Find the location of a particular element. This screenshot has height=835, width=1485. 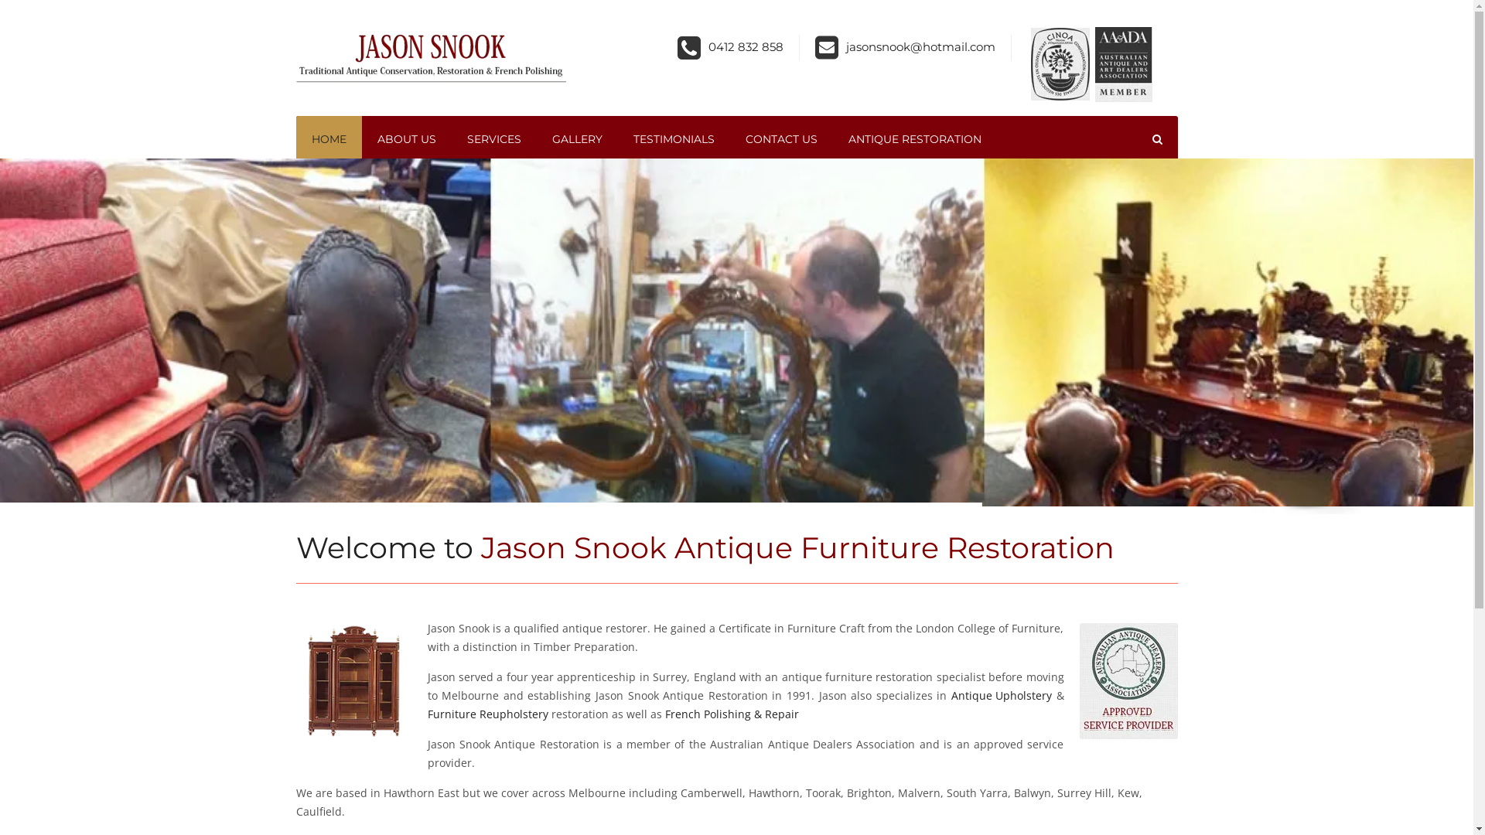

'French Polishing & Repair' is located at coordinates (731, 714).